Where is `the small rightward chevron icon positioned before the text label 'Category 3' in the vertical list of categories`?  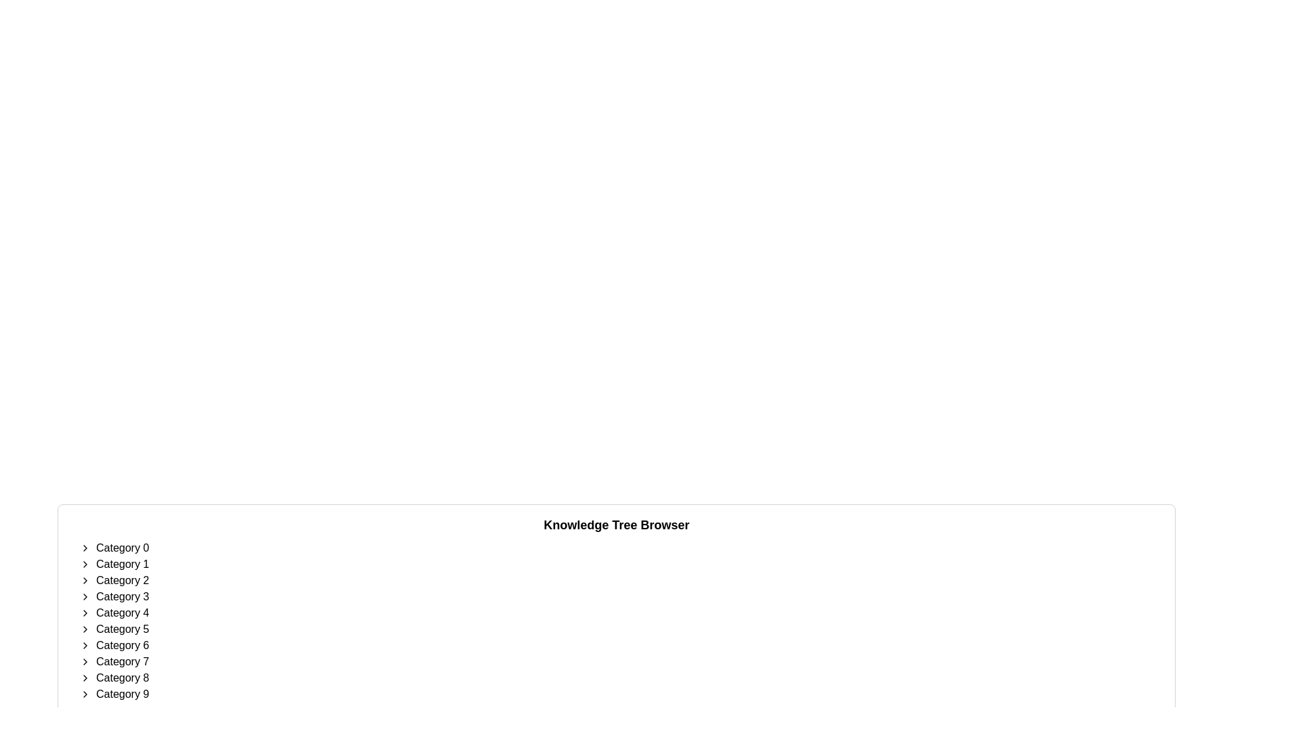 the small rightward chevron icon positioned before the text label 'Category 3' in the vertical list of categories is located at coordinates (84, 596).